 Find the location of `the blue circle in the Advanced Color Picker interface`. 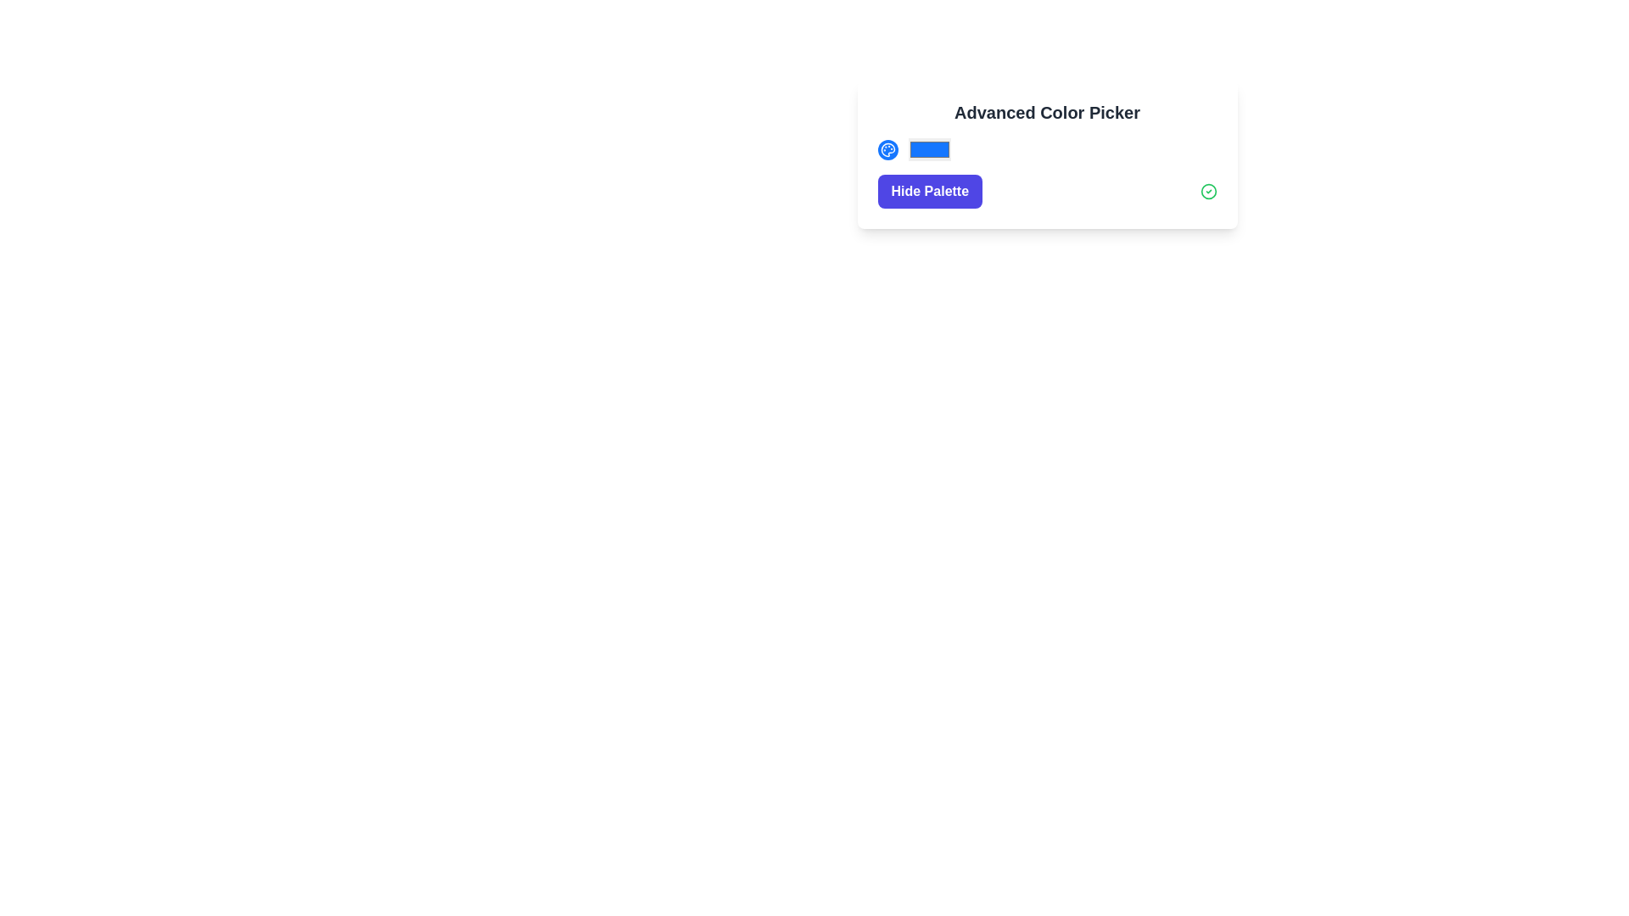

the blue circle in the Advanced Color Picker interface is located at coordinates (1046, 148).